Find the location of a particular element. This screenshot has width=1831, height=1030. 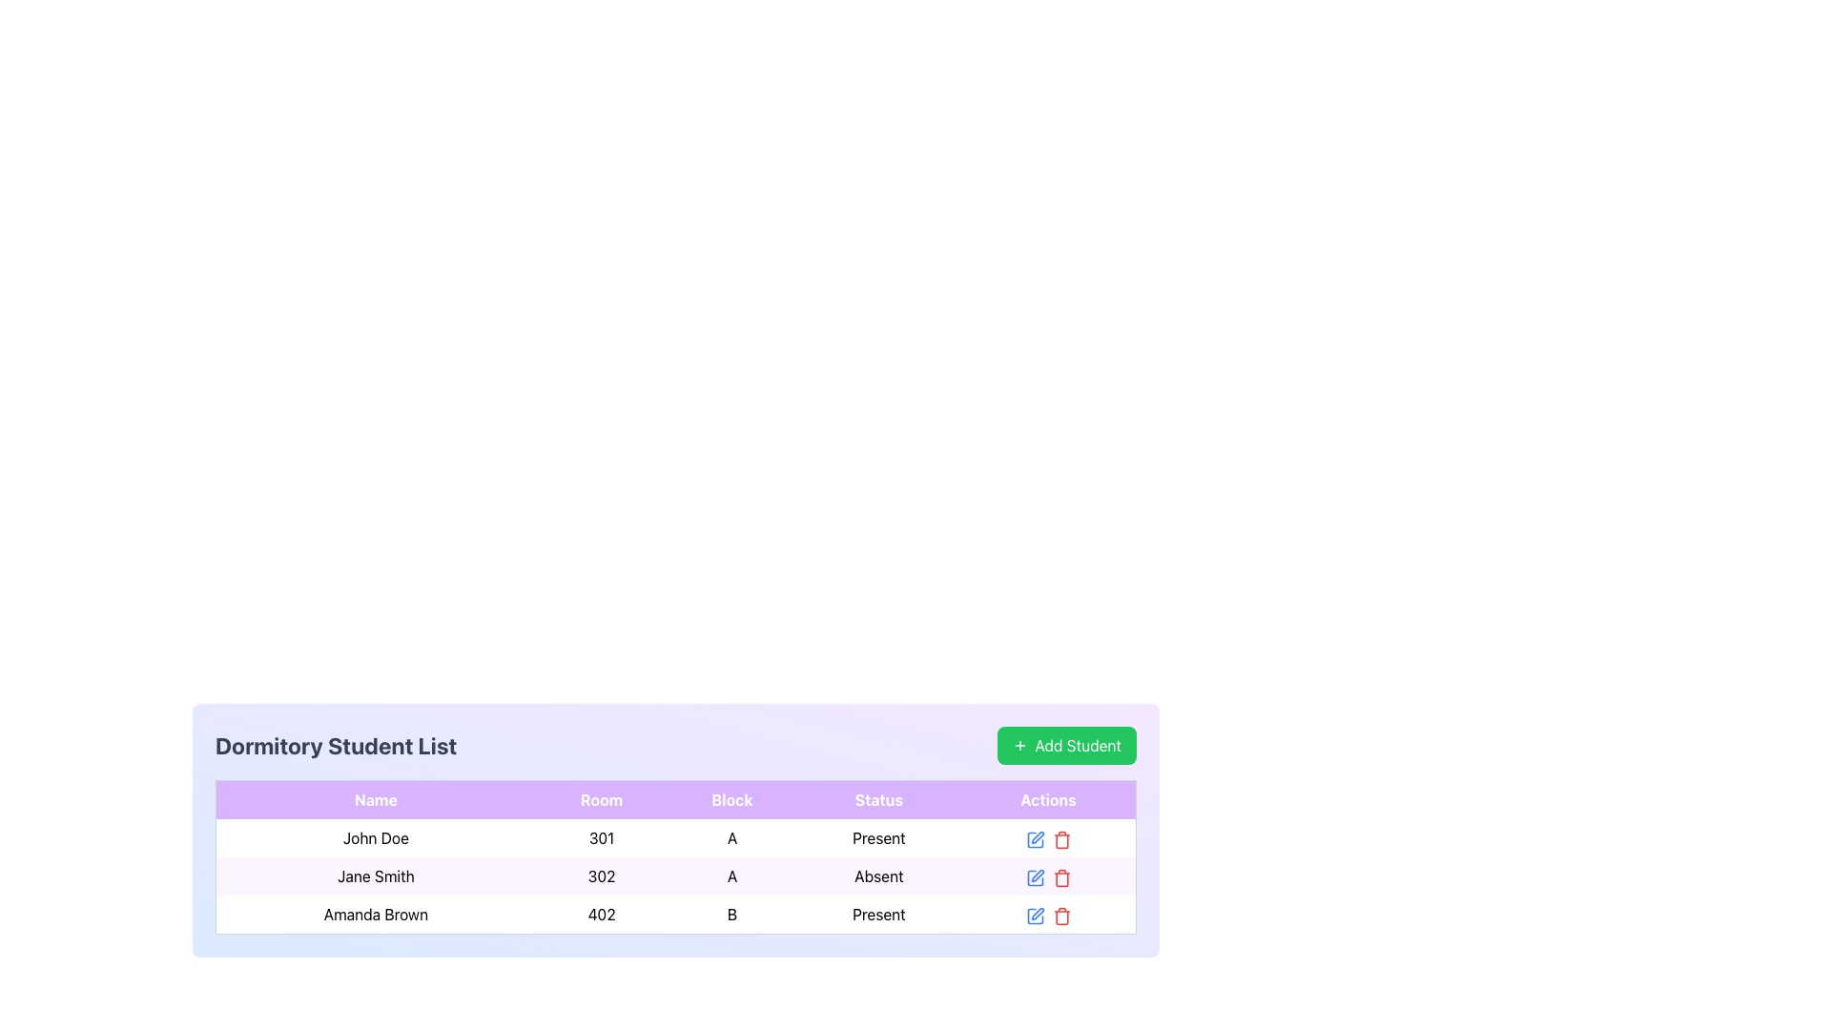

the red trash icon button in the actions column of the table to initiate a delete action for 'John Doe' is located at coordinates (1060, 838).